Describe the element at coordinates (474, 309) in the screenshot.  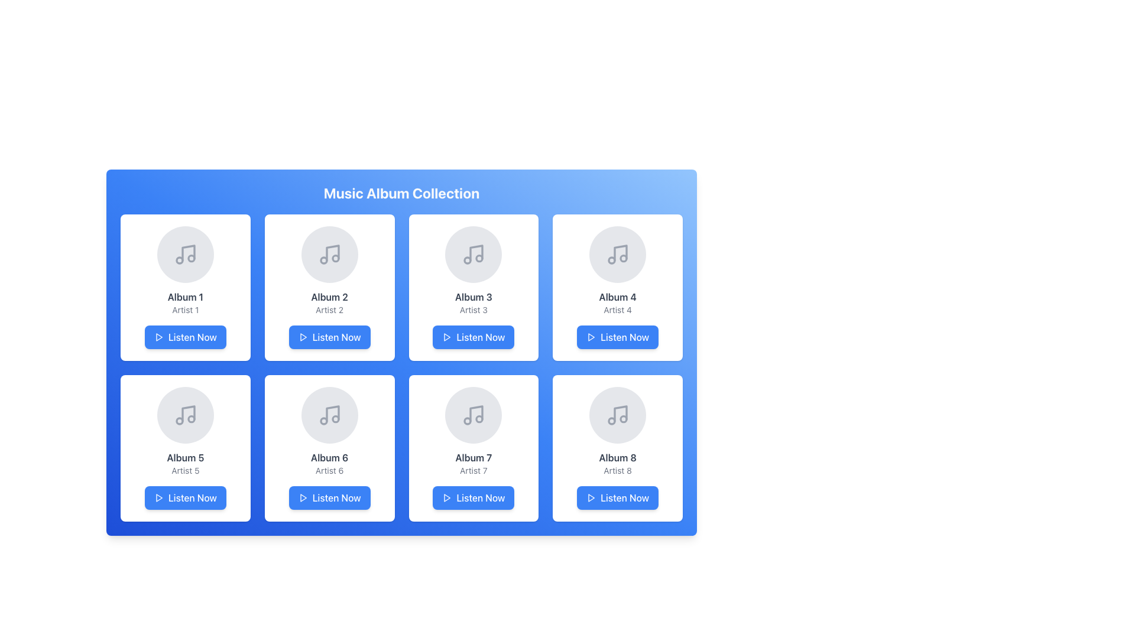
I see `the static text label displaying the artist name for 'Album 3', which is the second textual item within the album card located in the top row, third column of the grid layout` at that location.